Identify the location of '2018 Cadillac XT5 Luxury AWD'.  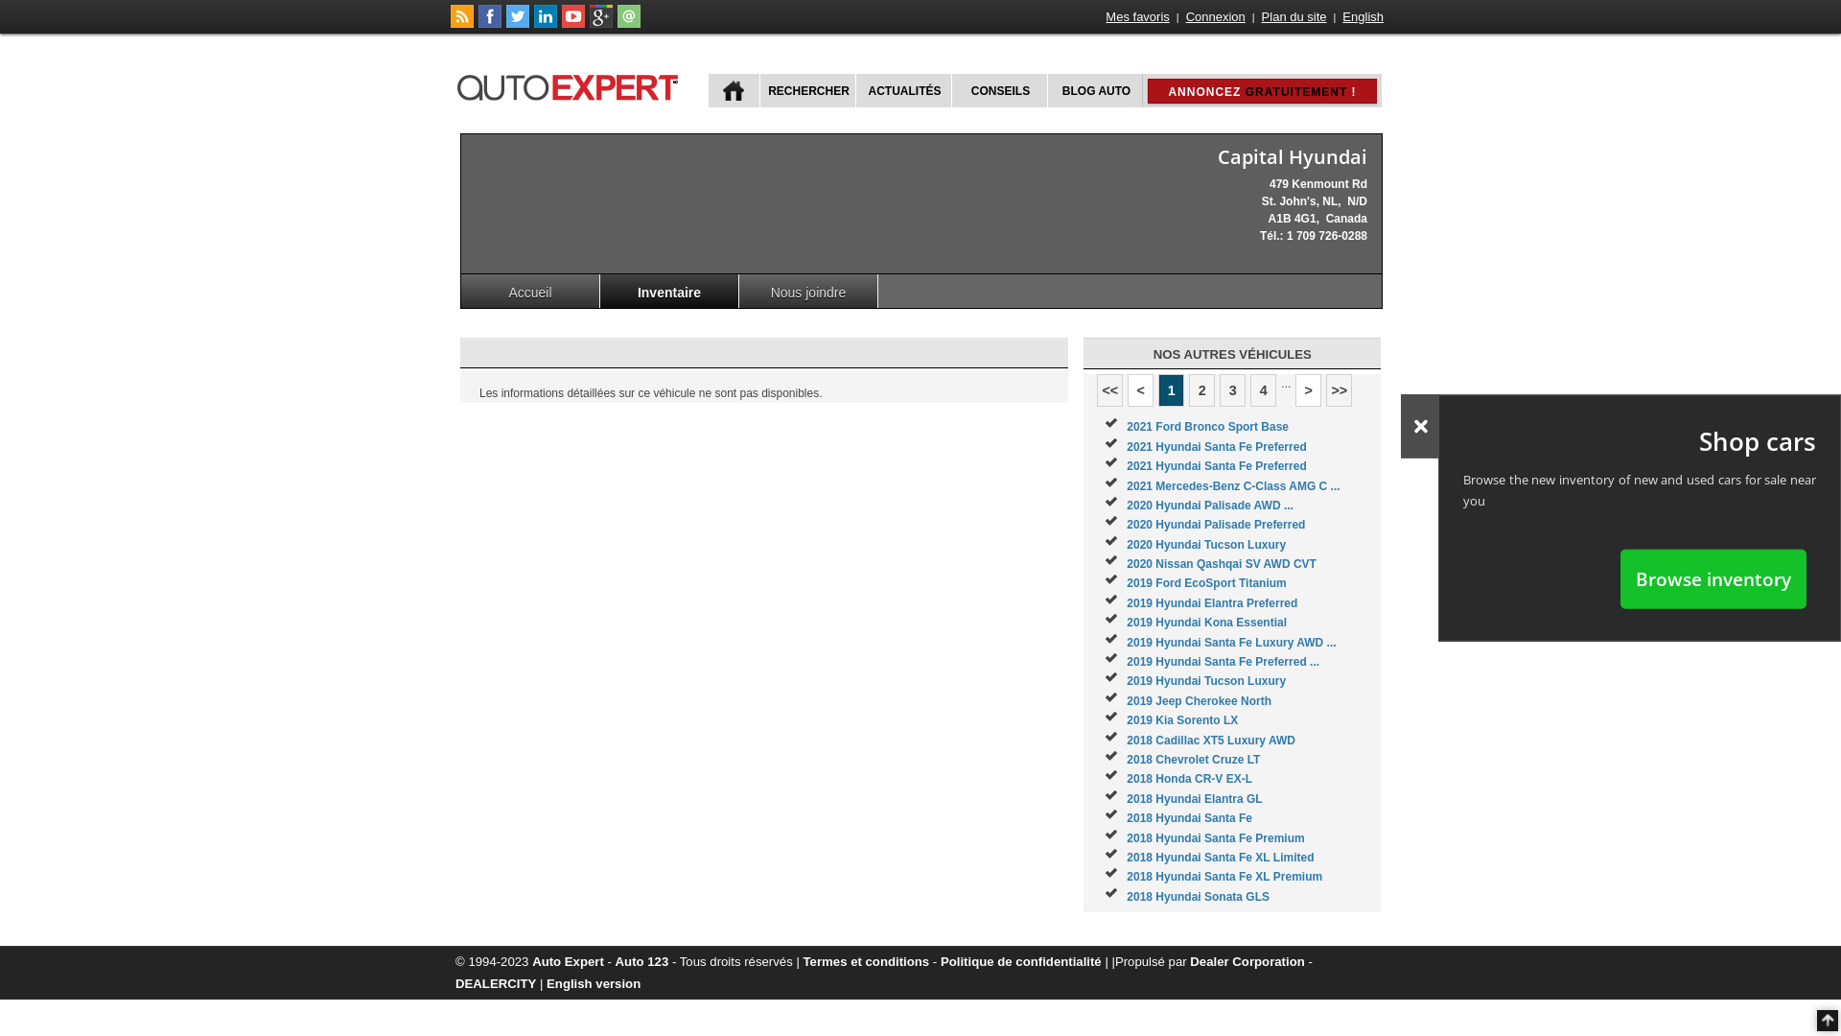
(1209, 739).